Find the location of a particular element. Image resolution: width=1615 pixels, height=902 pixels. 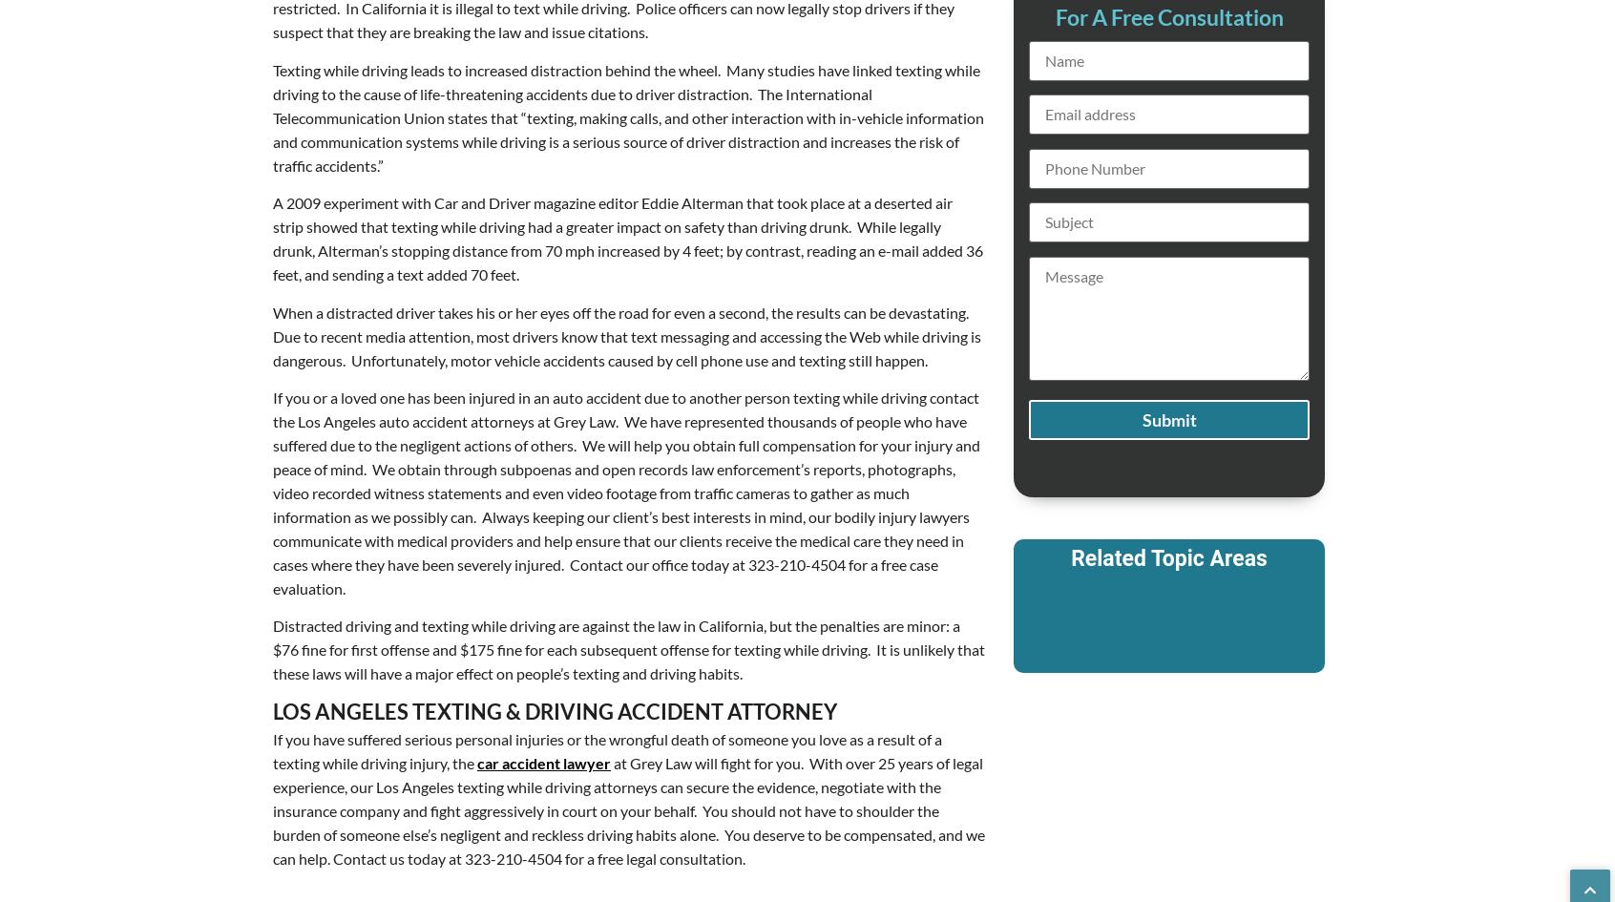

'If you have suffered serious personal injuries or the wrongful death of someone you love as a result of a texting while driving injury, the' is located at coordinates (607, 749).